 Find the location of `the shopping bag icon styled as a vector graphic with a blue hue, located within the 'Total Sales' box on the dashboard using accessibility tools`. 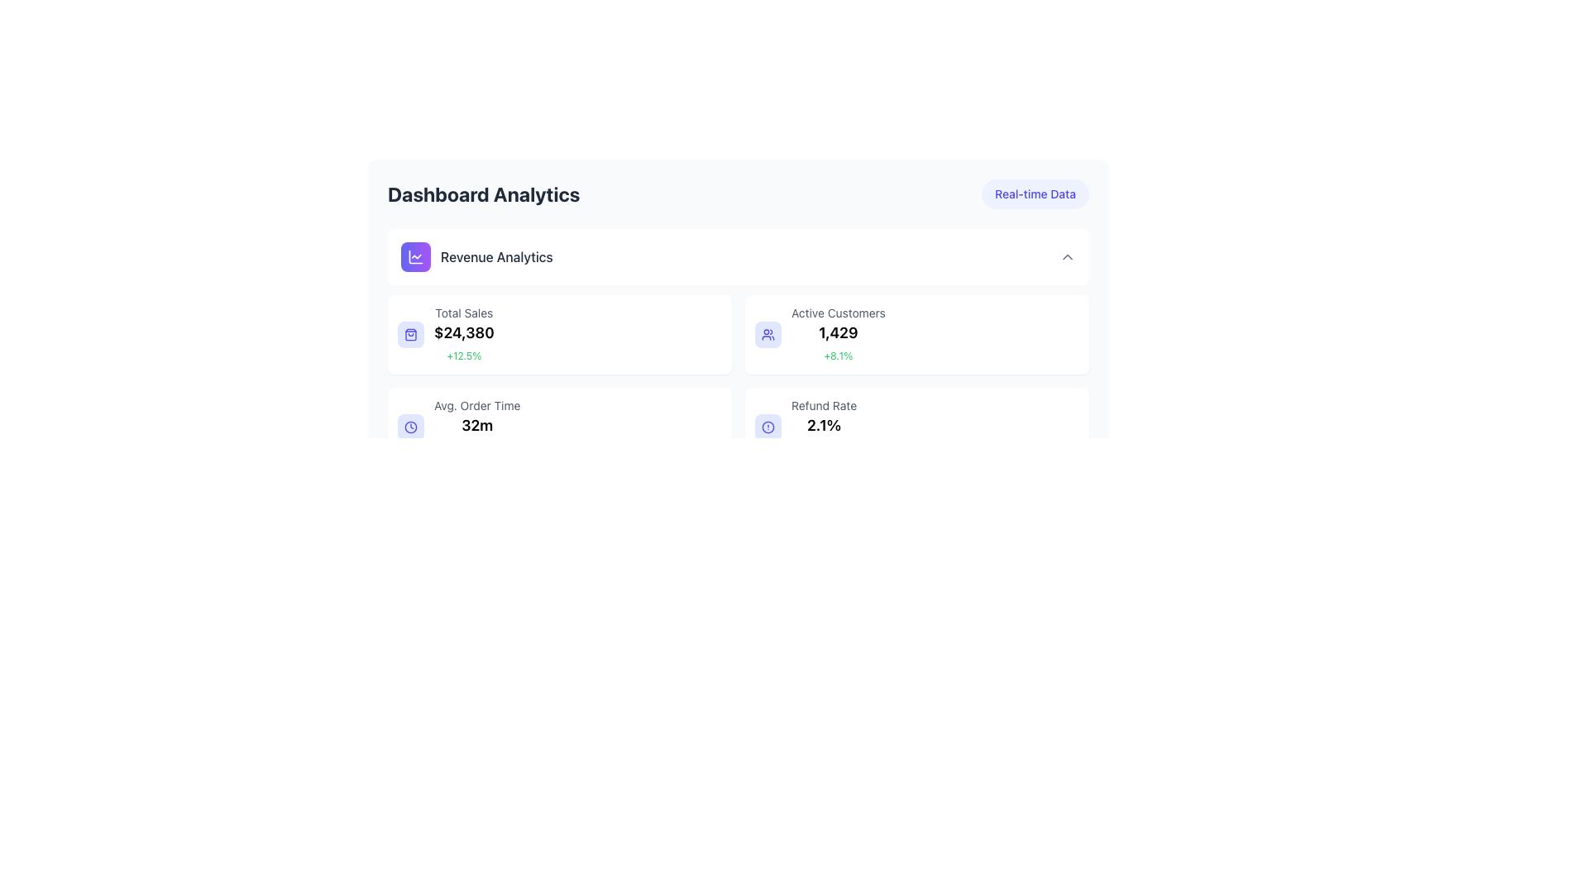

the shopping bag icon styled as a vector graphic with a blue hue, located within the 'Total Sales' box on the dashboard using accessibility tools is located at coordinates (411, 335).